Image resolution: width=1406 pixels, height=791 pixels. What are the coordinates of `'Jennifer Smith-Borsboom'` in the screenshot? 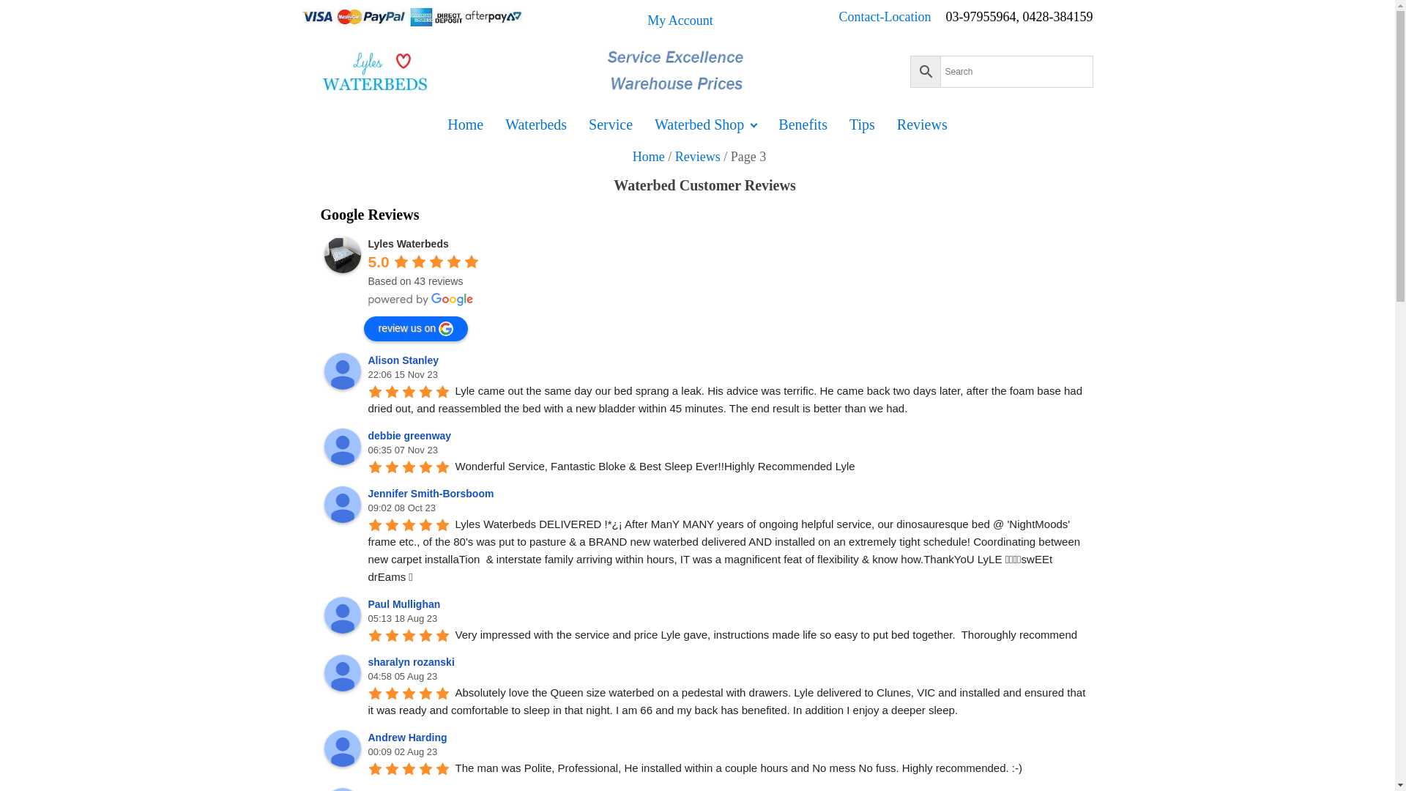 It's located at (322, 504).